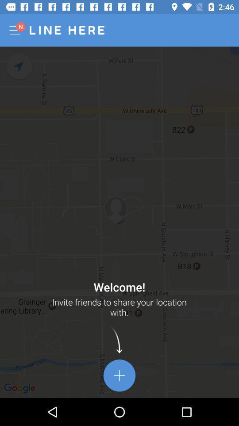 The height and width of the screenshot is (426, 239). What do you see at coordinates (19, 66) in the screenshot?
I see `directional indicator button` at bounding box center [19, 66].